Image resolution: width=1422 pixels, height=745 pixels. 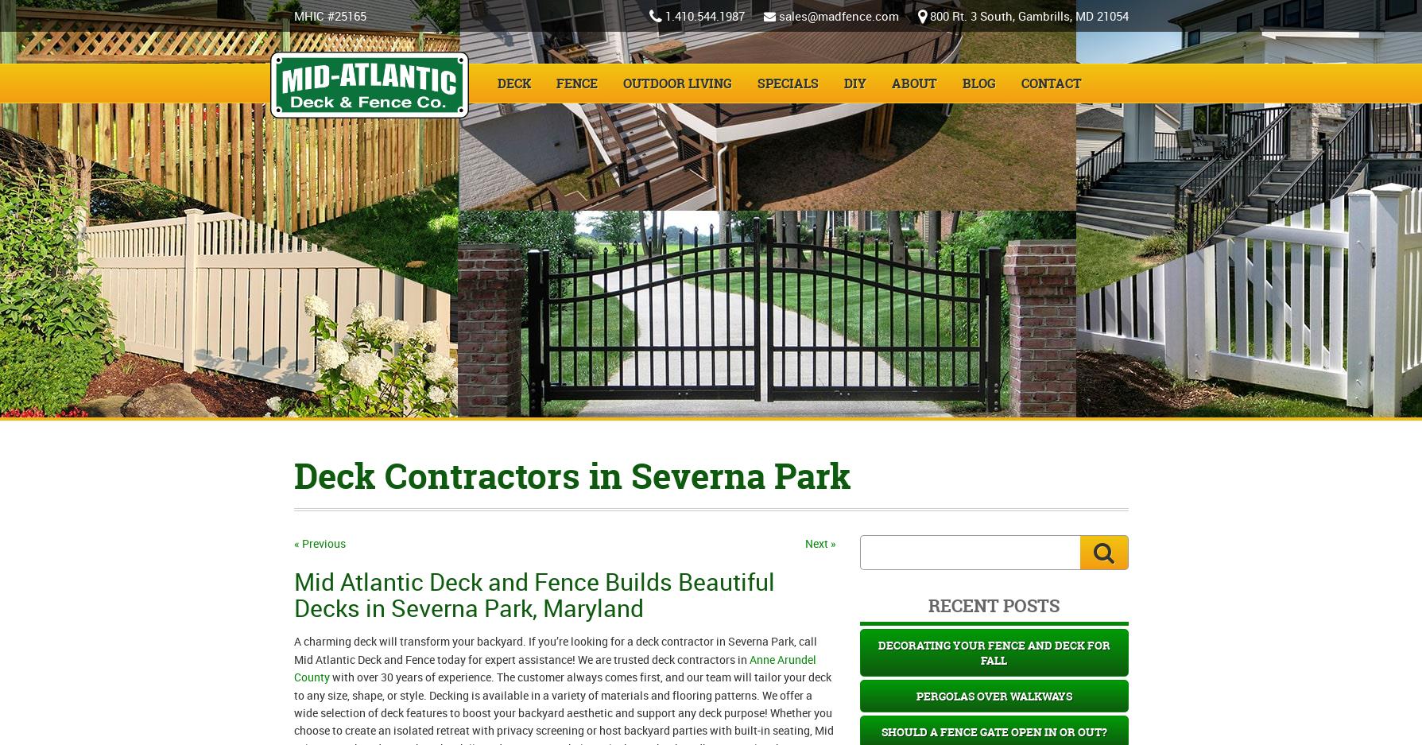 I want to click on 'Fence', so click(x=576, y=83).